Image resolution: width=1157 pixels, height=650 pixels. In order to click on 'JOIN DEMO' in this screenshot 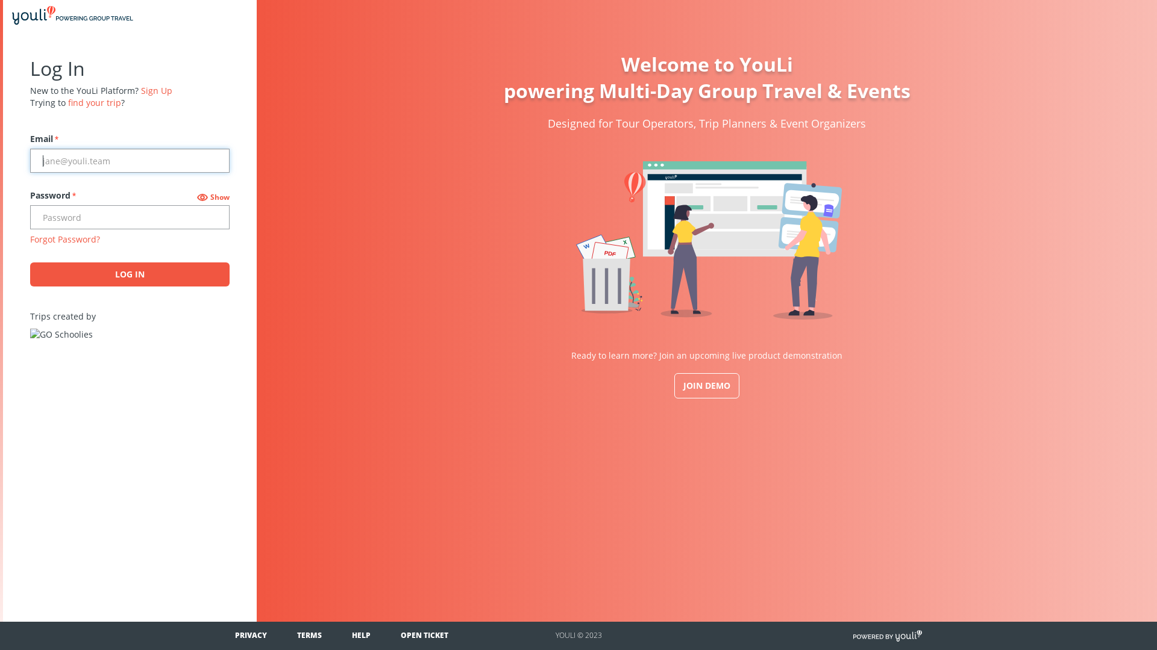, I will do `click(706, 385)`.